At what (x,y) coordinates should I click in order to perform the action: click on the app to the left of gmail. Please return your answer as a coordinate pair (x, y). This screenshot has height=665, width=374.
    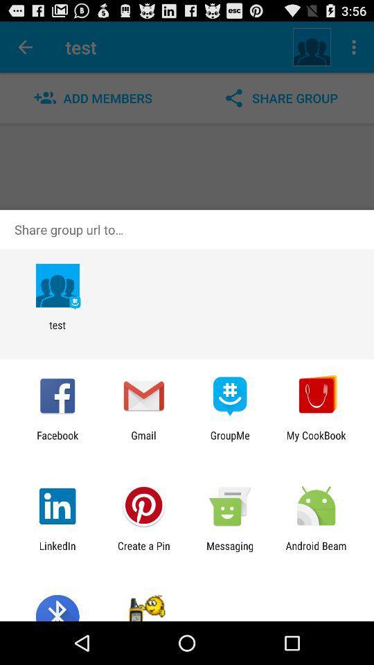
    Looking at the image, I should click on (57, 441).